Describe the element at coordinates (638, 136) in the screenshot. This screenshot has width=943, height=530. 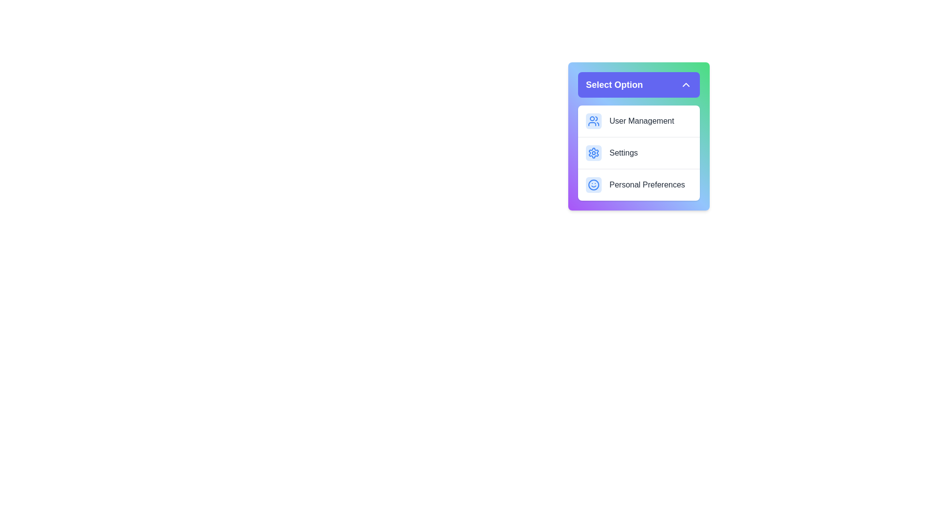
I see `the 'Settings' option in the dropdown menu` at that location.